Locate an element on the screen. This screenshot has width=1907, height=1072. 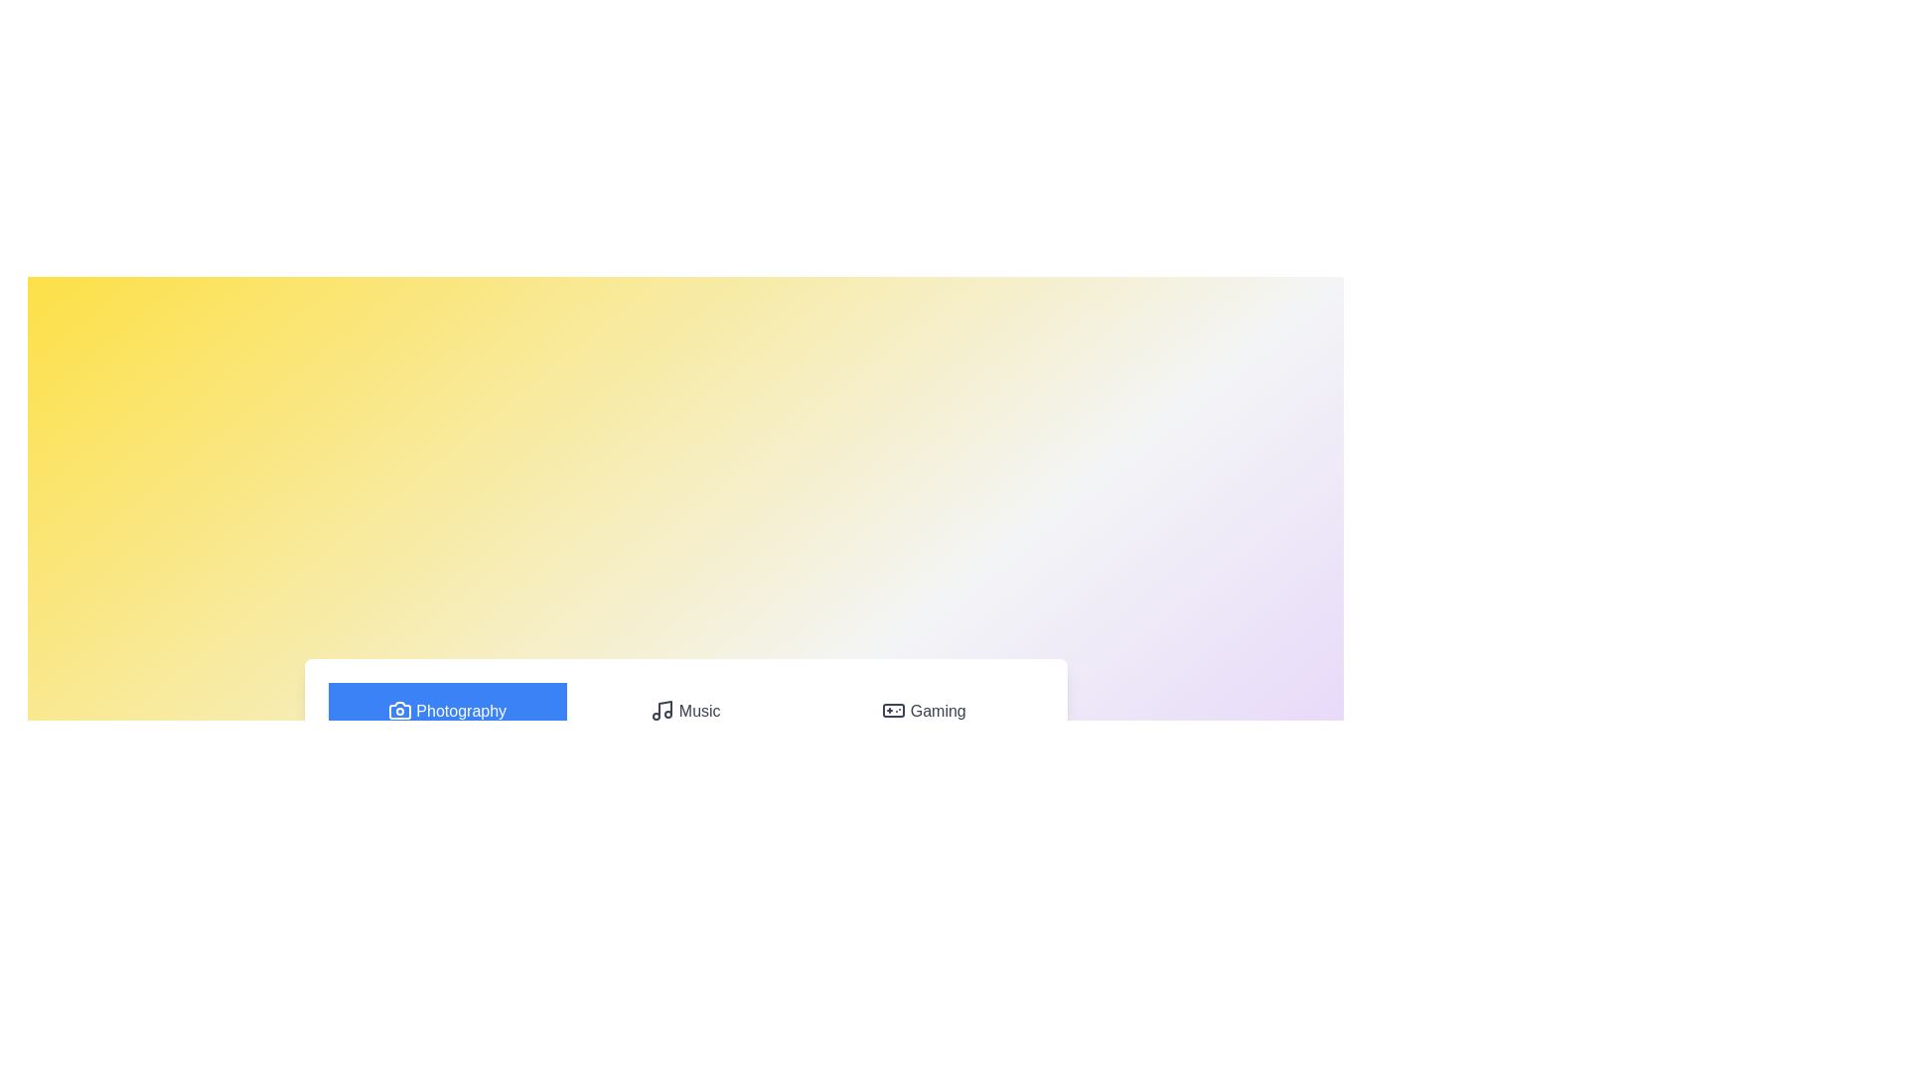
the tab labeled Photography is located at coordinates (446, 711).